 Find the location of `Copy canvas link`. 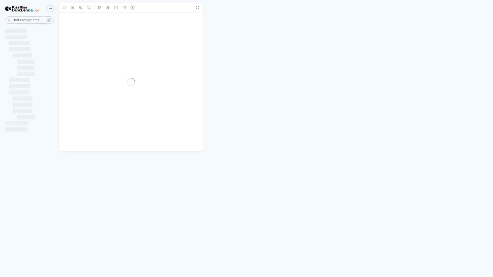

Copy canvas link is located at coordinates (485, 8).